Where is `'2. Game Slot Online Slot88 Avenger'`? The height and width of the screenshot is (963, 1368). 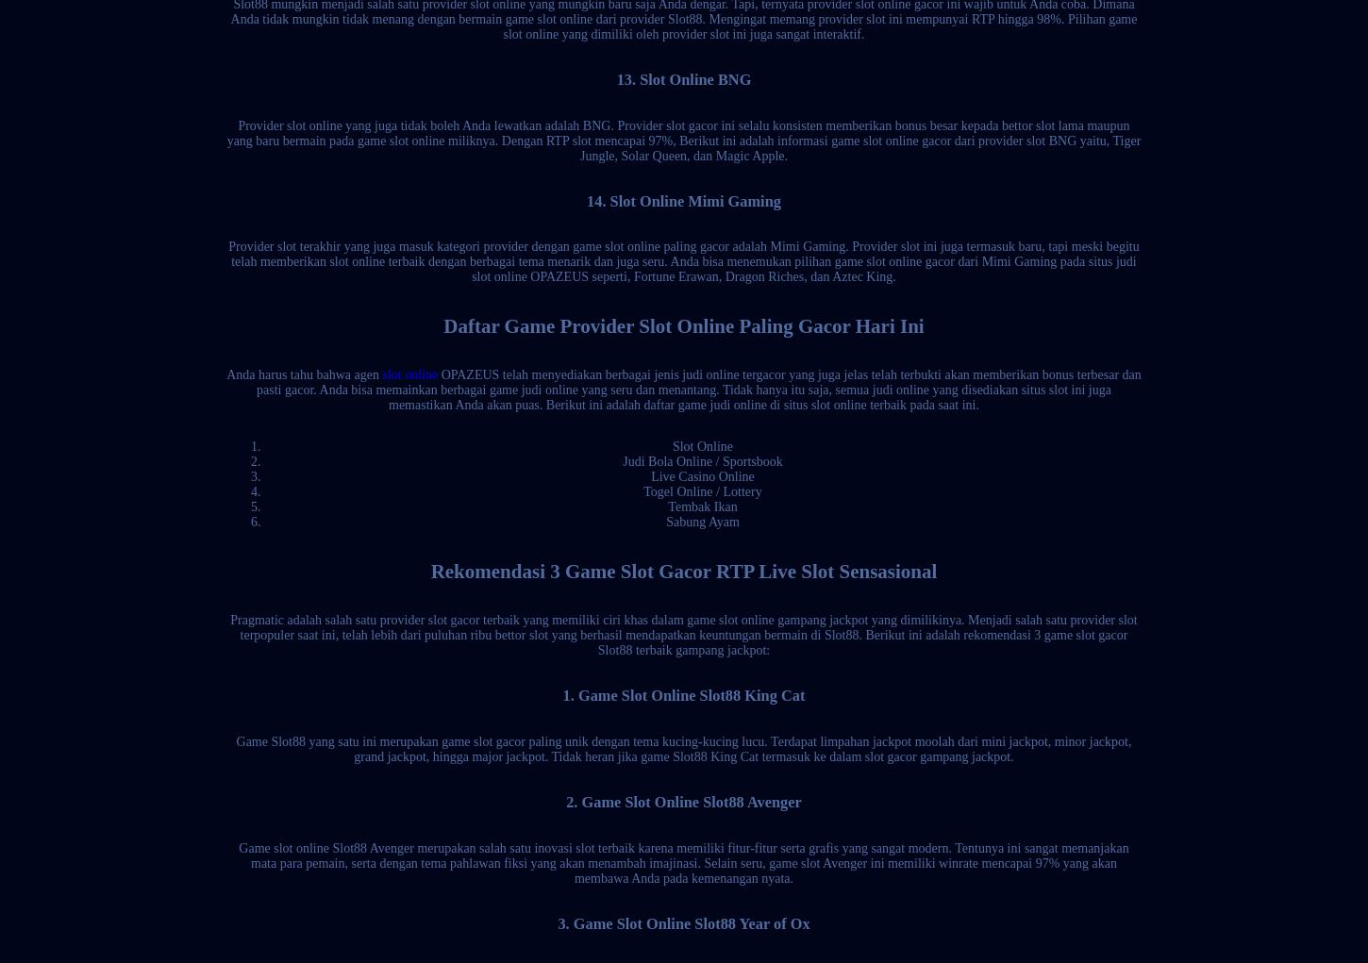
'2. Game Slot Online Slot88 Avenger' is located at coordinates (566, 802).